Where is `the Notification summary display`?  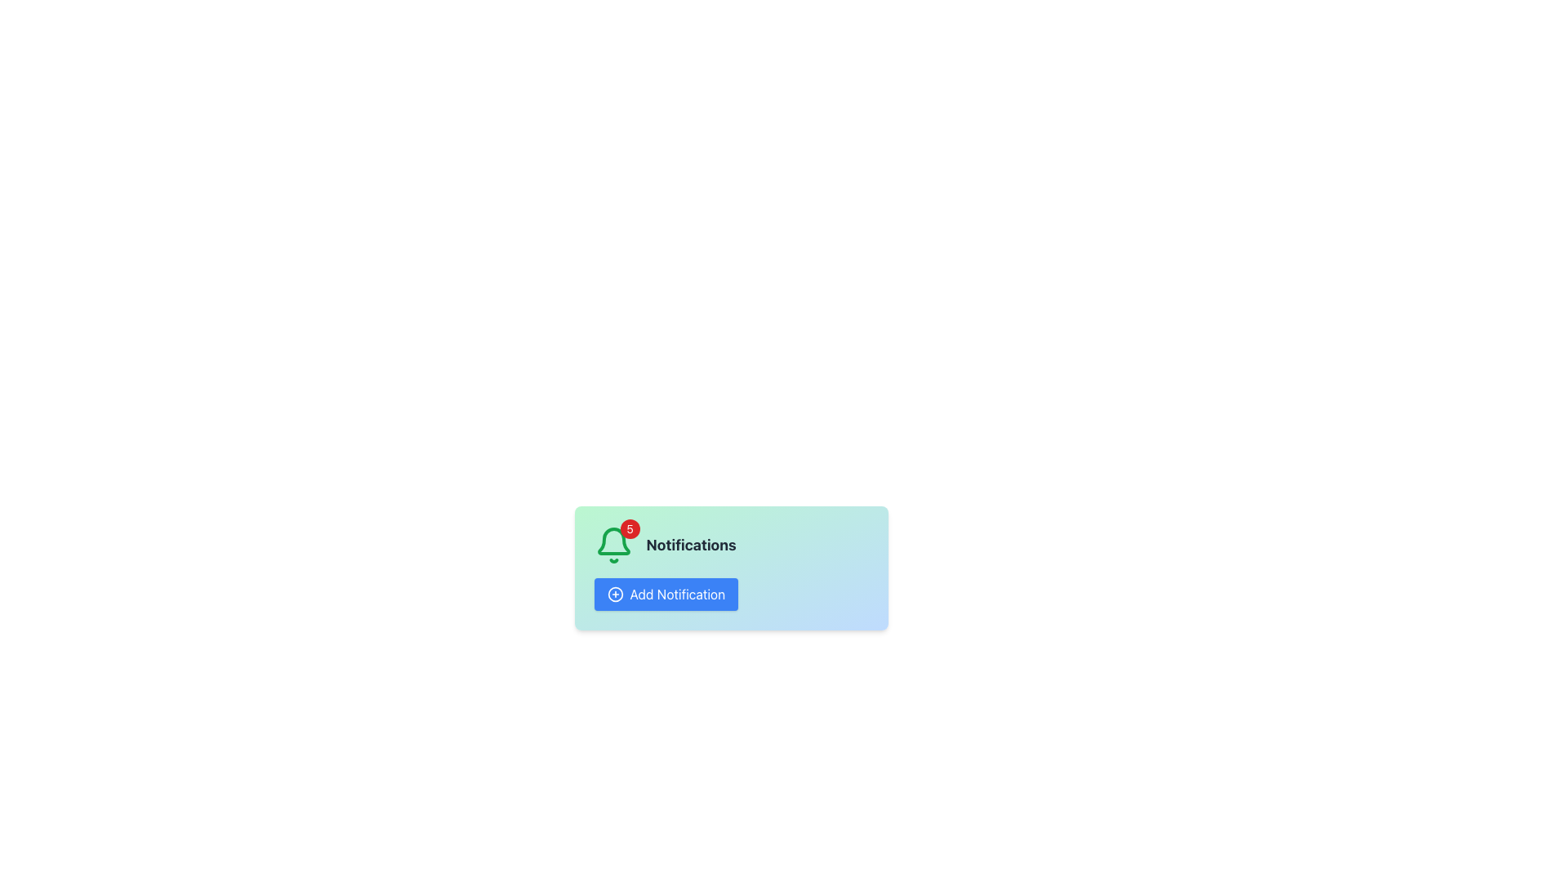
the Notification summary display is located at coordinates (730, 545).